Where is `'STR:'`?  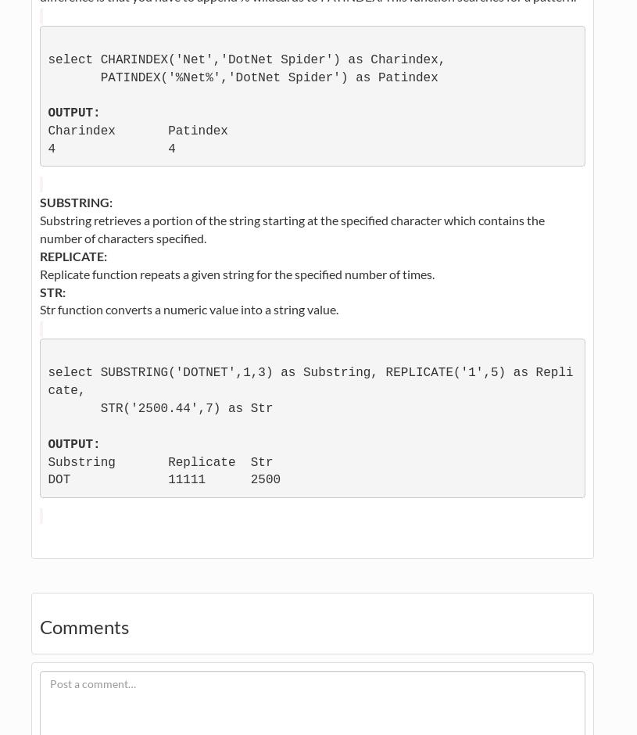 'STR:' is located at coordinates (39, 290).